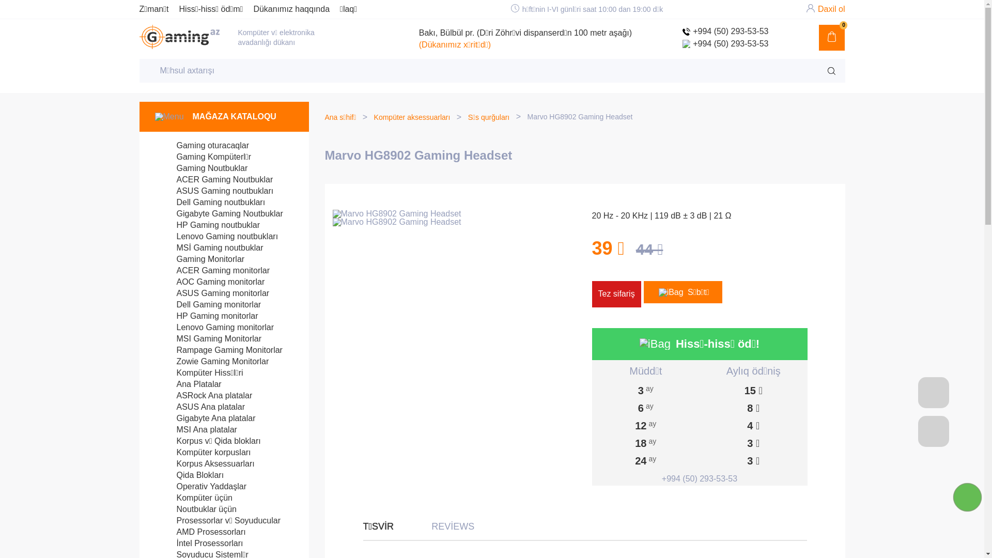  Describe the element at coordinates (724, 31) in the screenshot. I see `'+994 (50) 293-53-53'` at that location.